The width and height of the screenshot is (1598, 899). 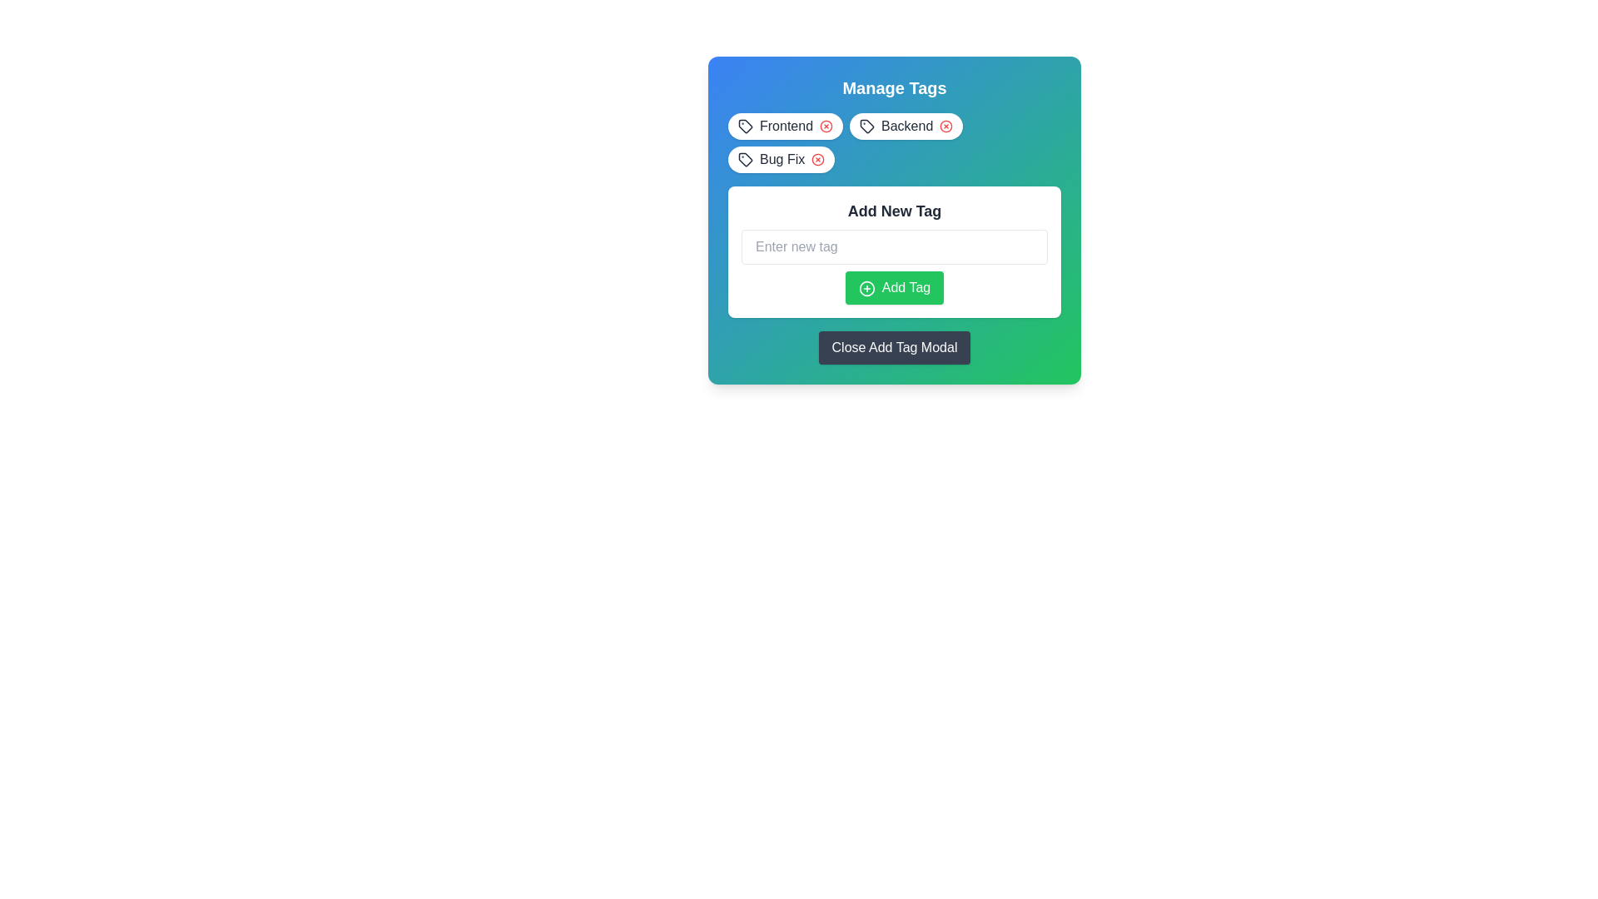 I want to click on the red circular graphic element of the close button located in the right area of the 'Frontend' tag, so click(x=826, y=125).